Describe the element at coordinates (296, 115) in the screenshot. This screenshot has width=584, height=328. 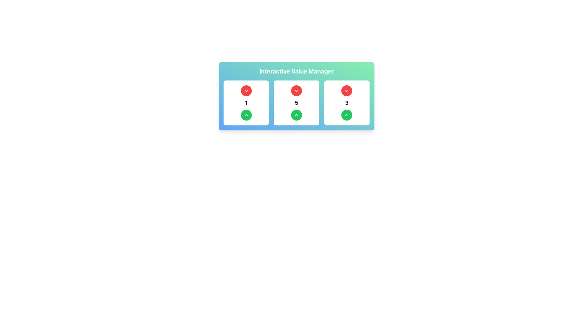
I see `the increment button located beneath the number '5' in the central column of a three-column panel to observe the hover effects` at that location.